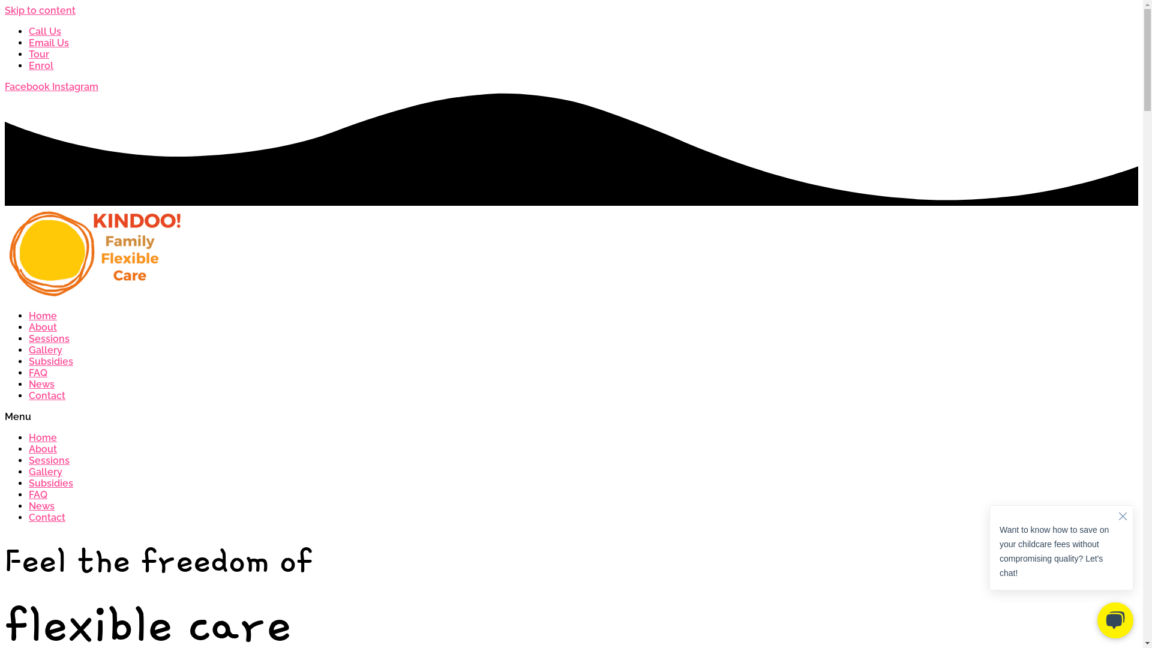  I want to click on 'Enrol', so click(29, 65).